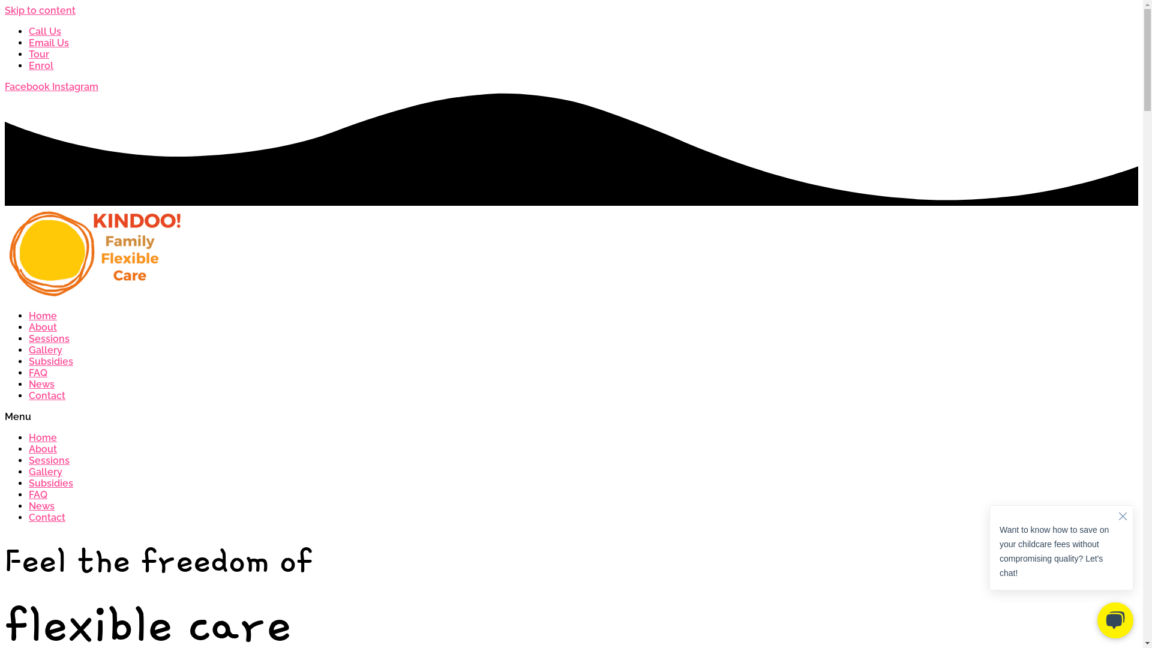  I want to click on 'Enrol', so click(29, 65).